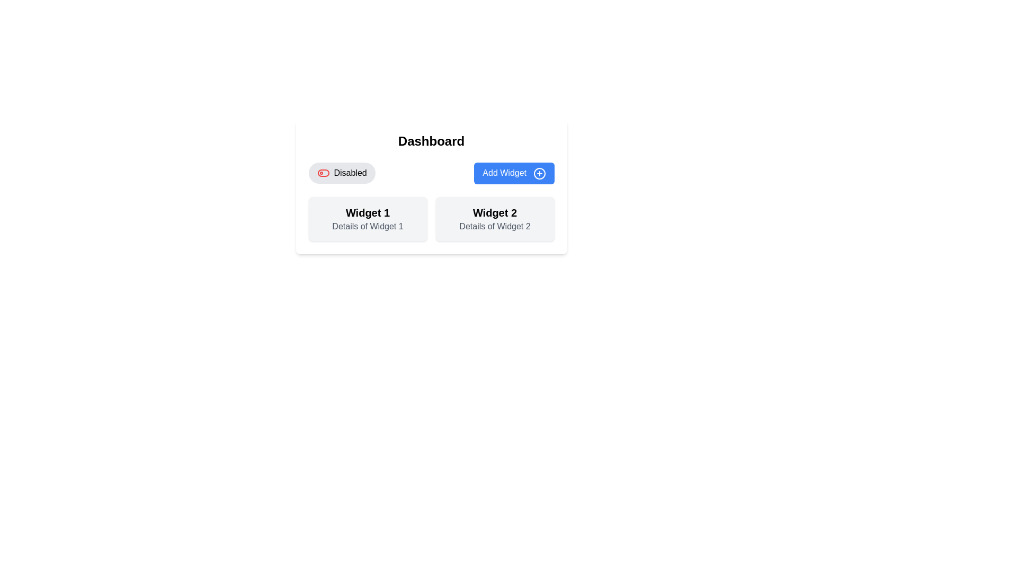 The image size is (1017, 572). Describe the element at coordinates (368, 218) in the screenshot. I see `the details of the Informational card for Widget 1, which is located in the first column of the first row, beneath the 'Disabled' toggle and next to the 'Add Widget' button` at that location.